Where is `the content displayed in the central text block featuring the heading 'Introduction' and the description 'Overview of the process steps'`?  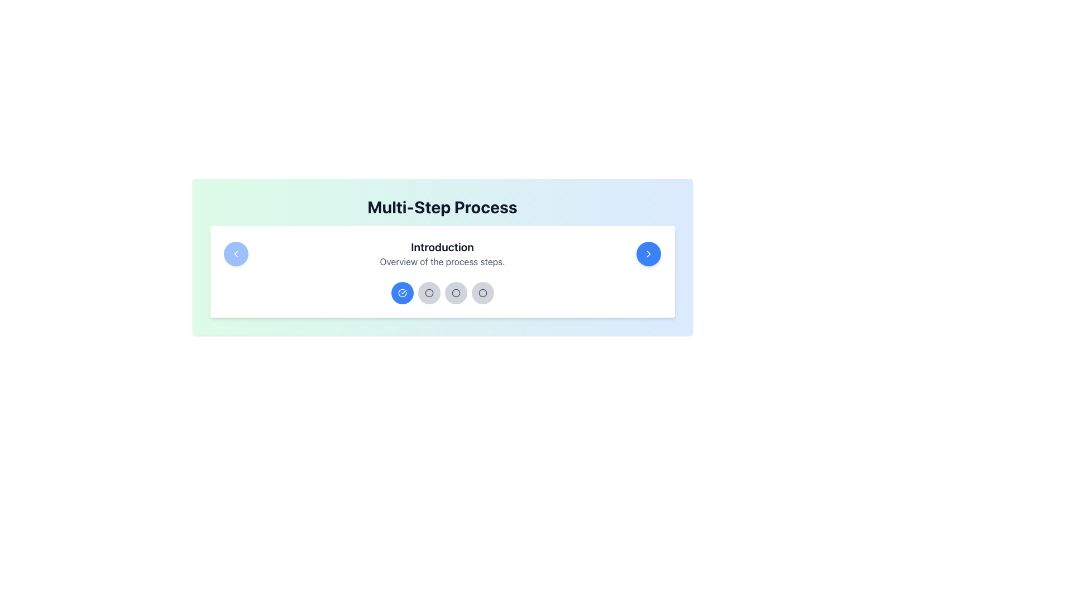
the content displayed in the central text block featuring the heading 'Introduction' and the description 'Overview of the process steps' is located at coordinates (442, 254).